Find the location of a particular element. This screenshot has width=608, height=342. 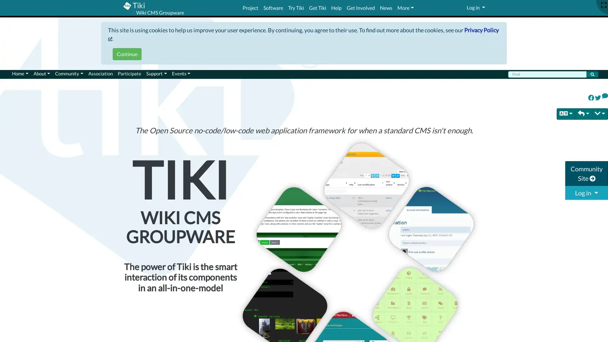

Log in is located at coordinates (476, 7).